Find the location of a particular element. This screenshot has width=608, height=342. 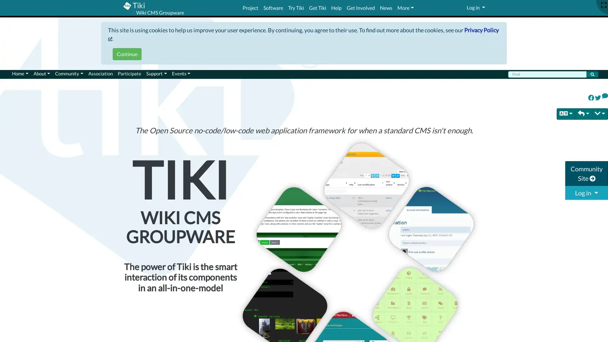

Log in is located at coordinates (476, 7).